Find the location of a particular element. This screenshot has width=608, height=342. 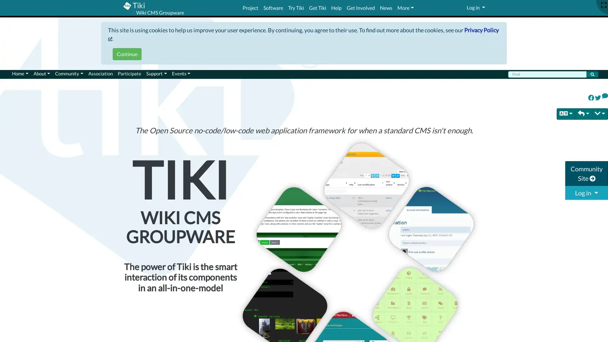

Log in is located at coordinates (476, 7).